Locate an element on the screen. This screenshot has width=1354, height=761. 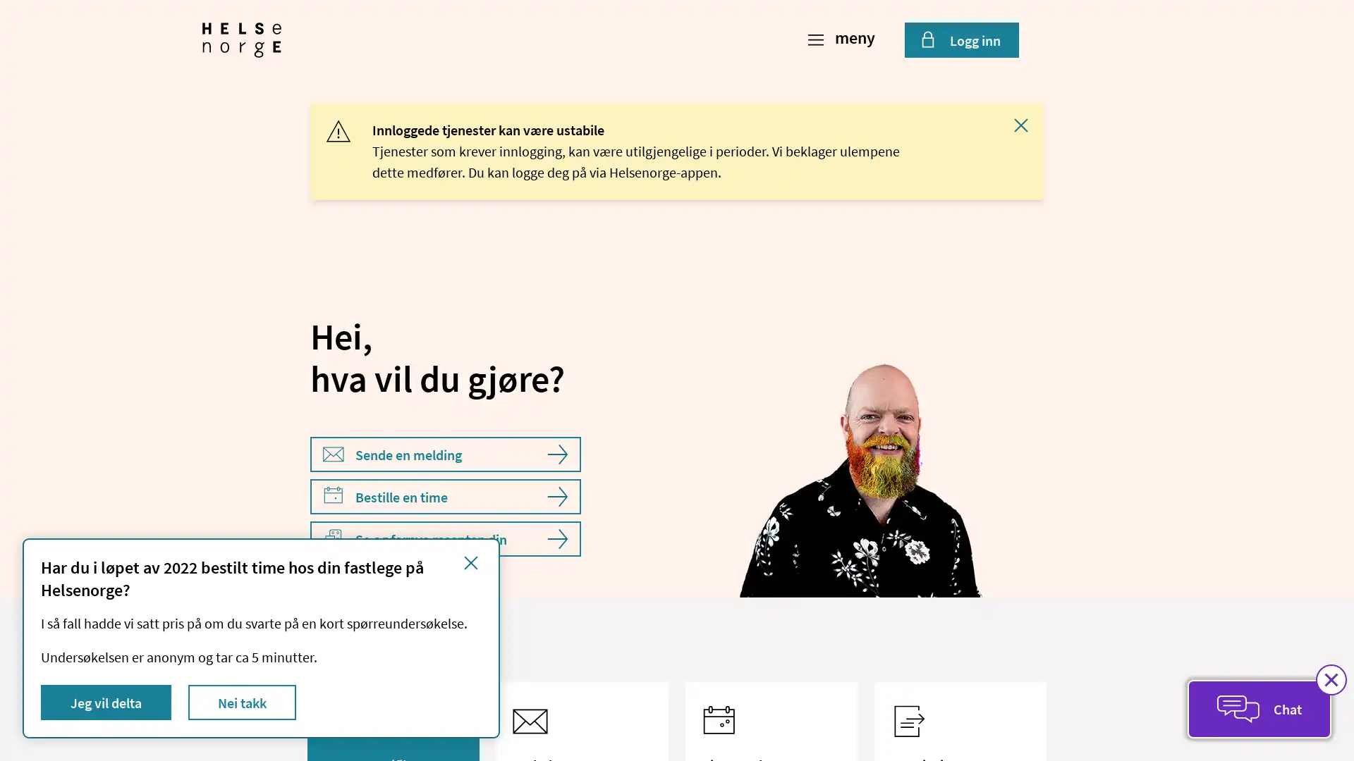
Jeg vil delta is located at coordinates (105, 702).